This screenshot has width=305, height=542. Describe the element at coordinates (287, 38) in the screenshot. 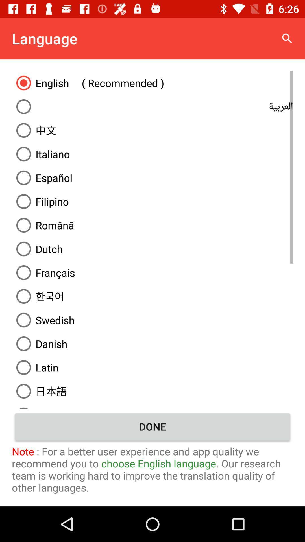

I see `item to the right of the language` at that location.